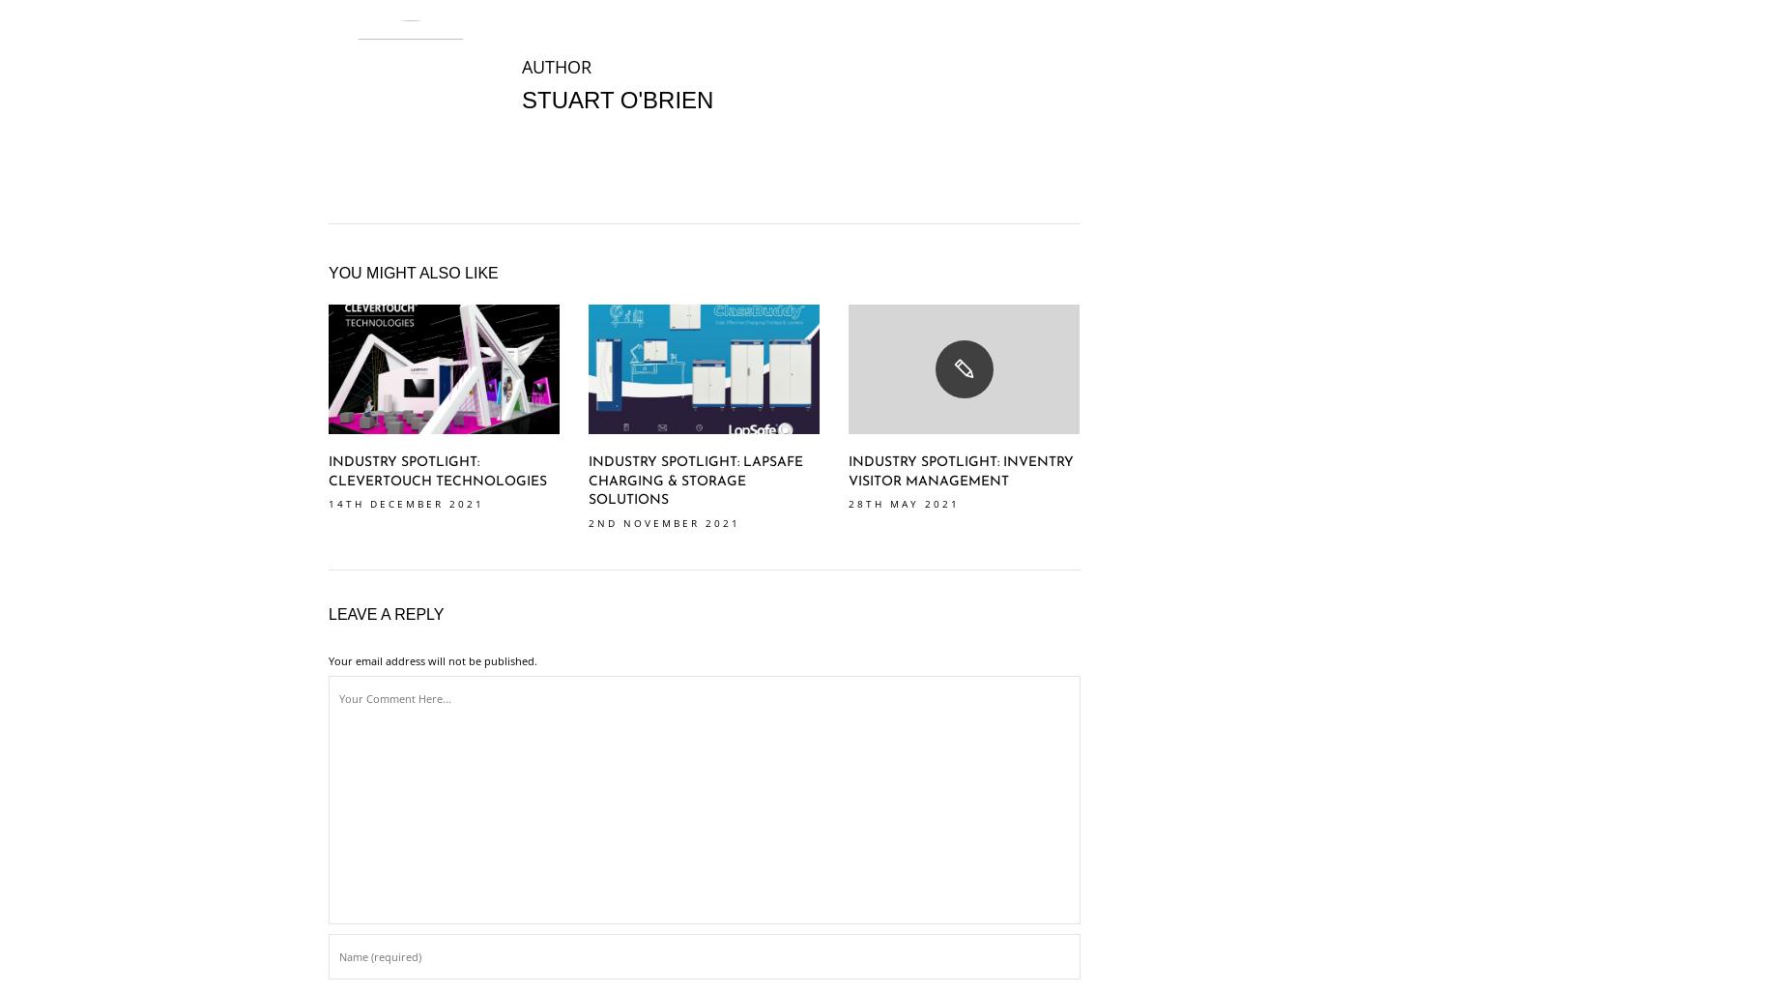 Image resolution: width=1788 pixels, height=994 pixels. I want to click on 'AUTHOR', so click(557, 65).